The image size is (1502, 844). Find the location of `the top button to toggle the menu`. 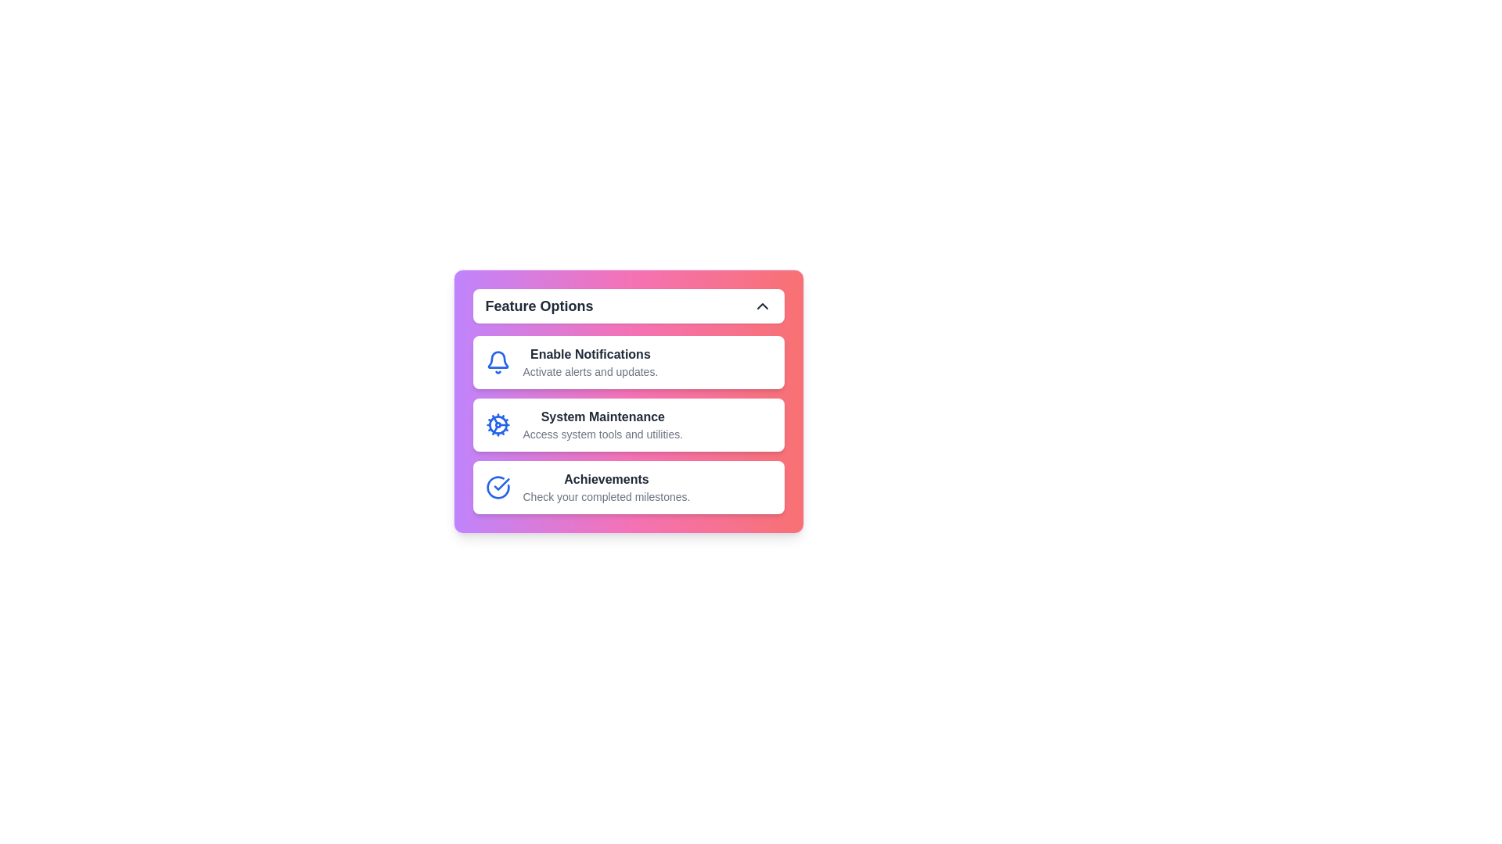

the top button to toggle the menu is located at coordinates (628, 306).